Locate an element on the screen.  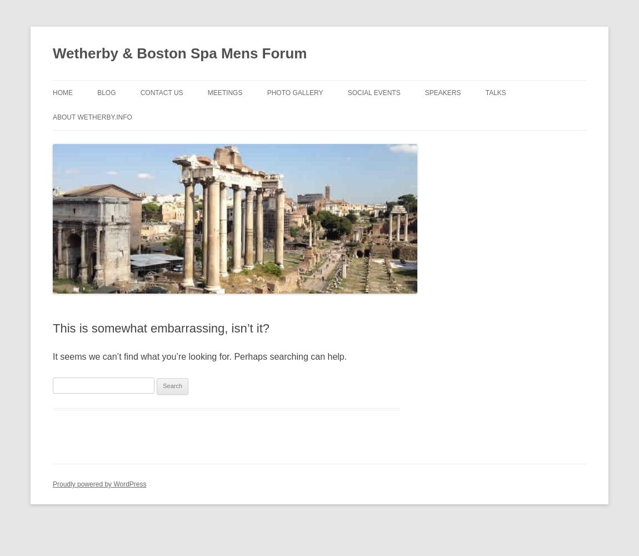
'Proudly powered by WordPress' is located at coordinates (99, 484).